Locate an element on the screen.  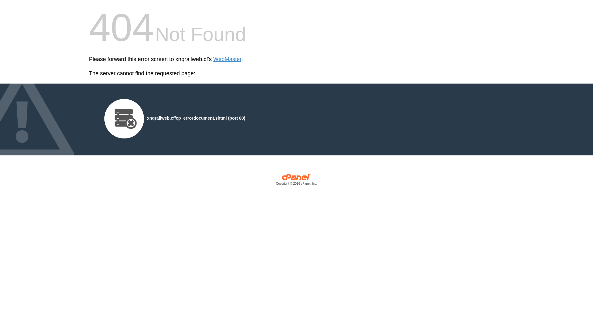
'WebMaster' is located at coordinates (213, 59).